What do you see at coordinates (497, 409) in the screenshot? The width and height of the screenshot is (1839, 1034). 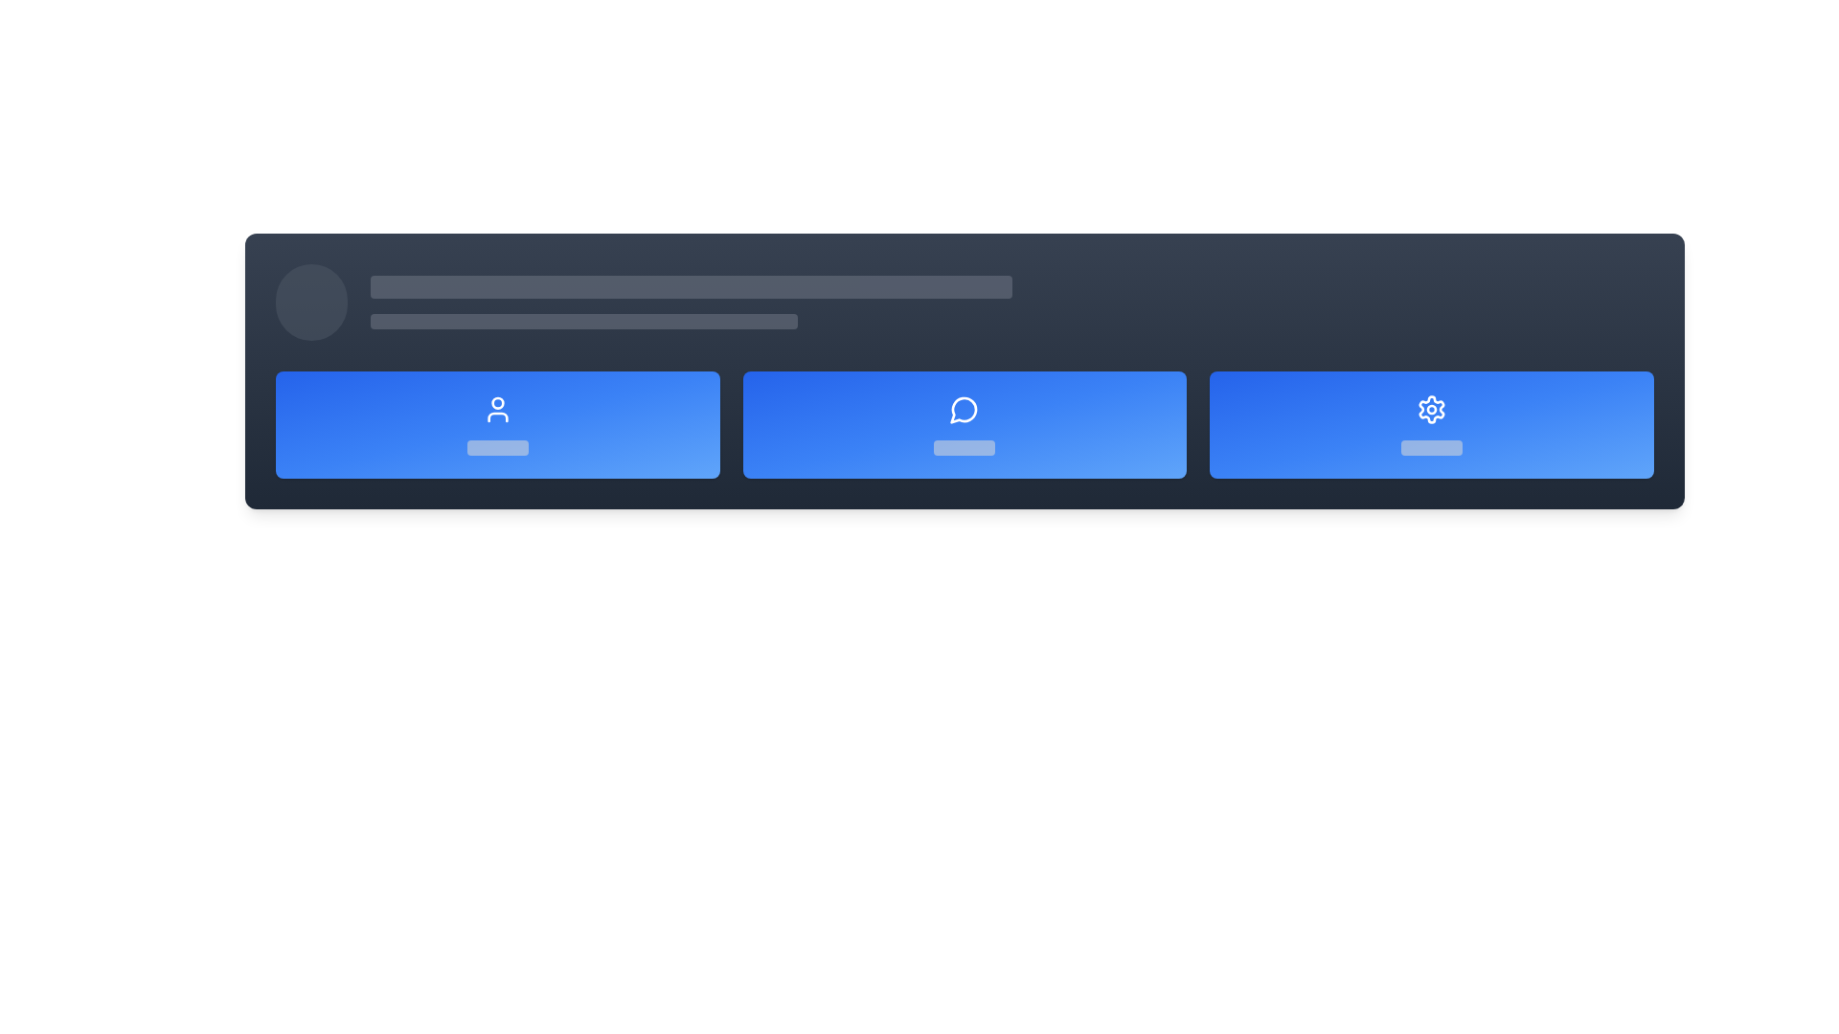 I see `the user icon, which is a stylized figure with a circle head and rounded arch body, located in the center of the leftmost blue gradient button` at bounding box center [497, 409].